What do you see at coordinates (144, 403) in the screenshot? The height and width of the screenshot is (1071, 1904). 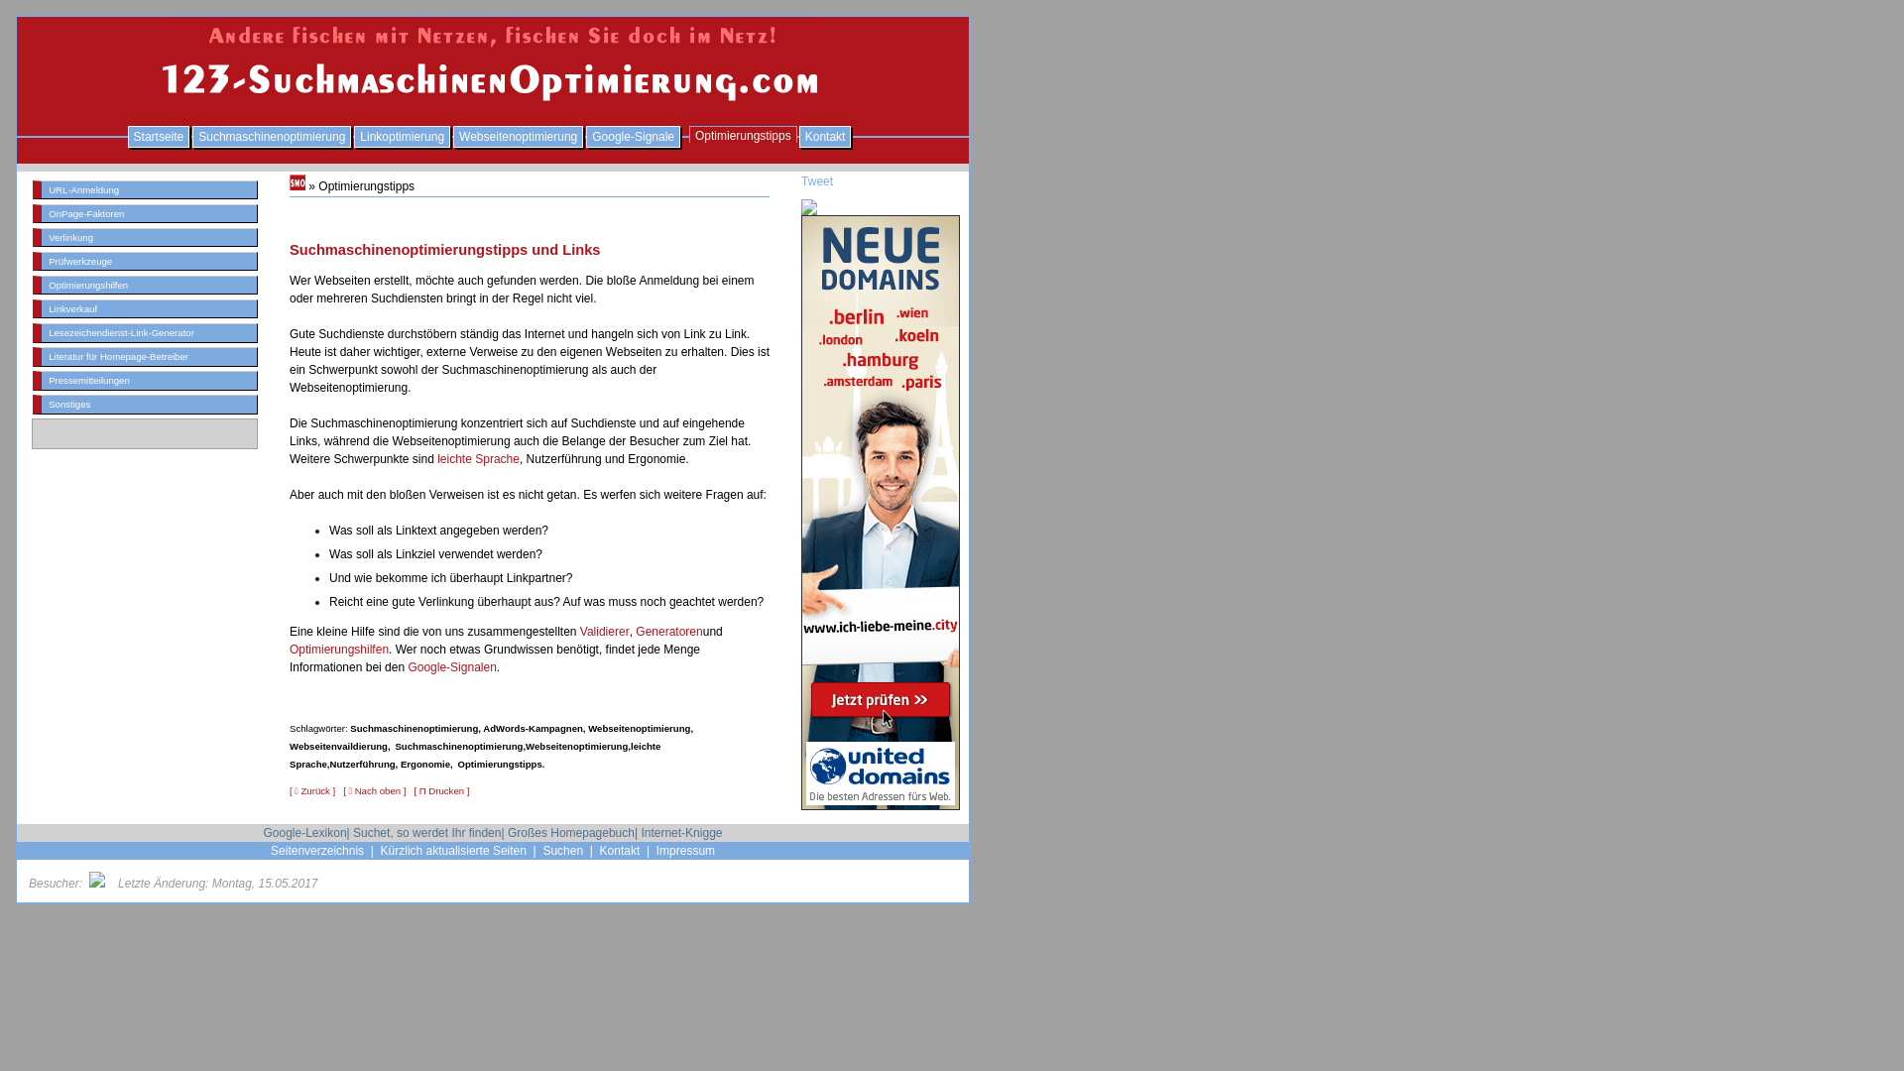 I see `'Sonstiges'` at bounding box center [144, 403].